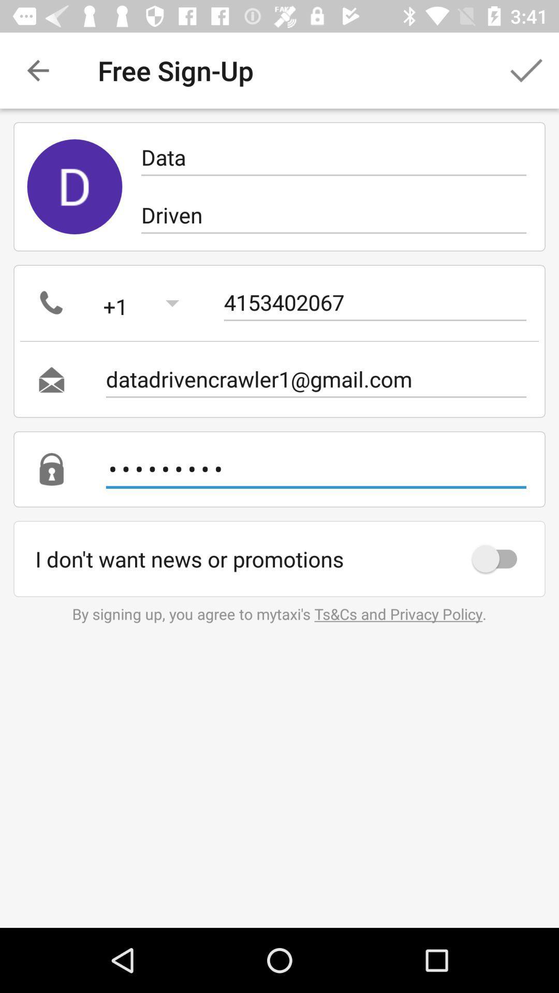  What do you see at coordinates (315, 469) in the screenshot?
I see `crowd3116` at bounding box center [315, 469].